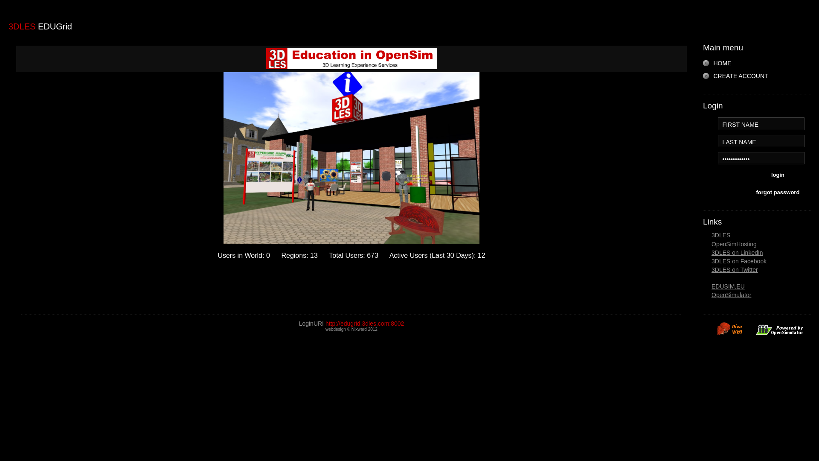 Image resolution: width=819 pixels, height=461 pixels. I want to click on 'forgot password', so click(778, 193).